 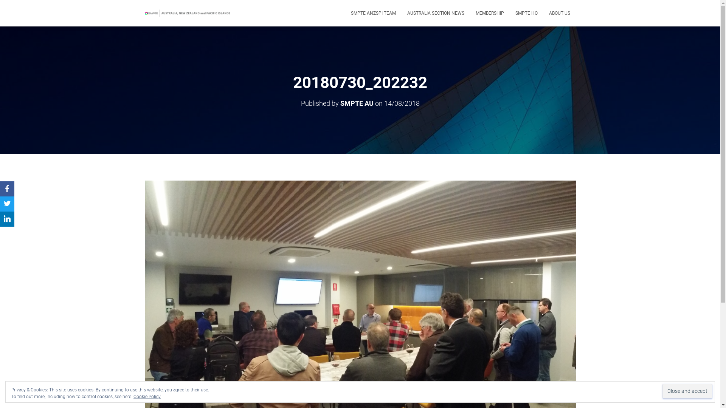 What do you see at coordinates (344, 13) in the screenshot?
I see `'SMPTE ANZSPI TEAM'` at bounding box center [344, 13].